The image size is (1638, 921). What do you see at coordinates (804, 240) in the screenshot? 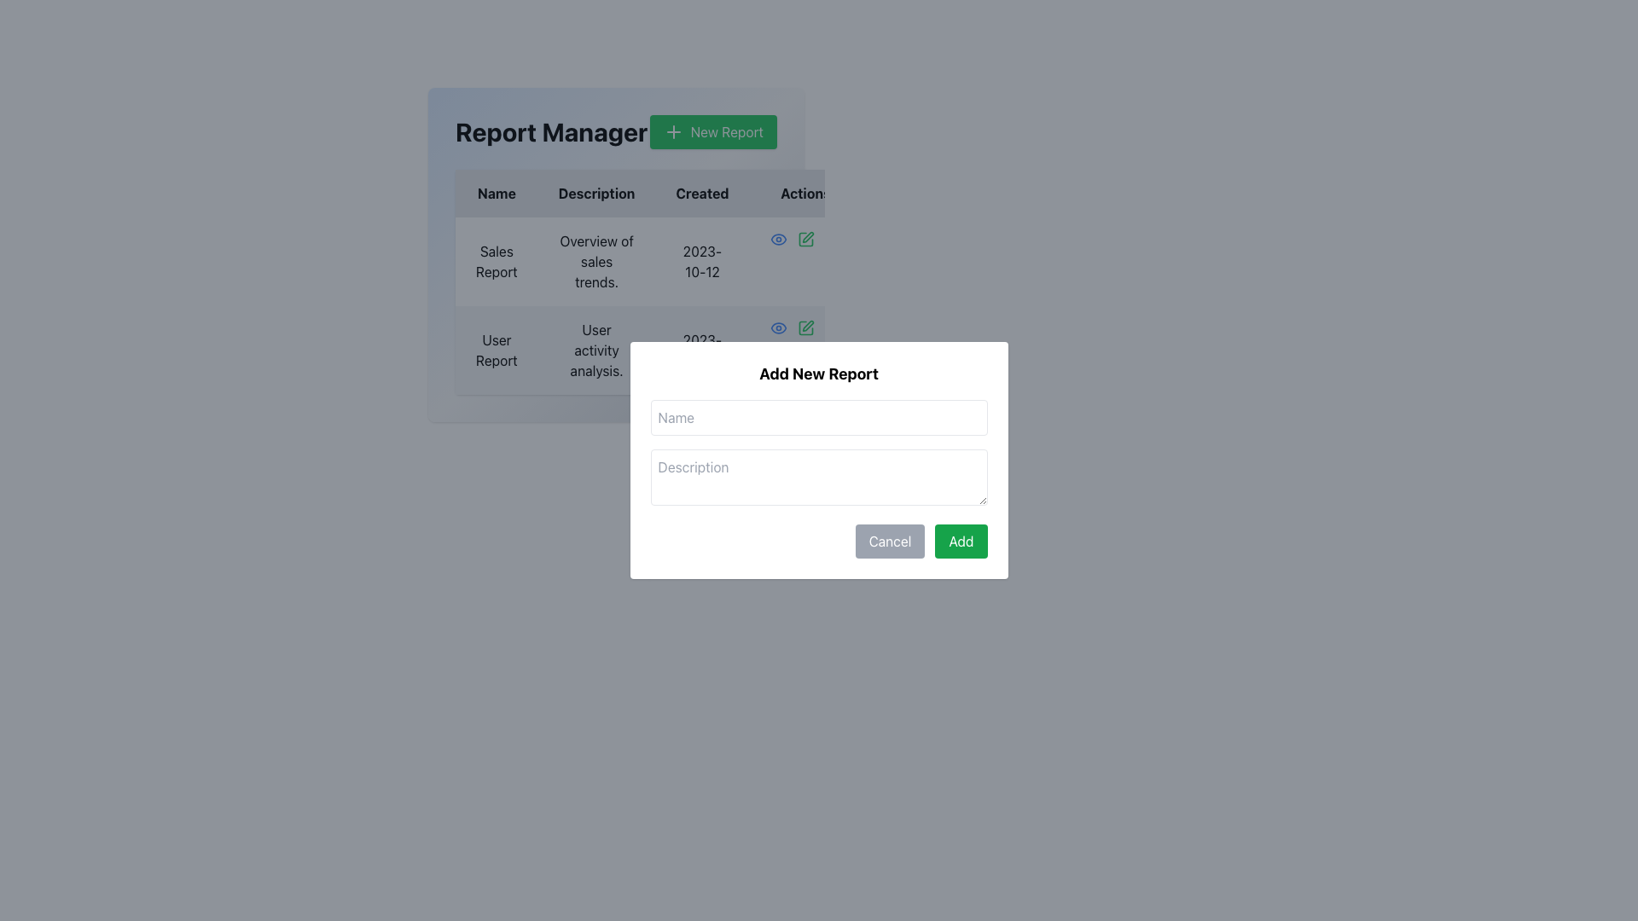
I see `the 'Edit' icon button located at the rightmost side of the 'Actions' column in the 'User Report' row of the 'Report Manager' table` at bounding box center [804, 240].